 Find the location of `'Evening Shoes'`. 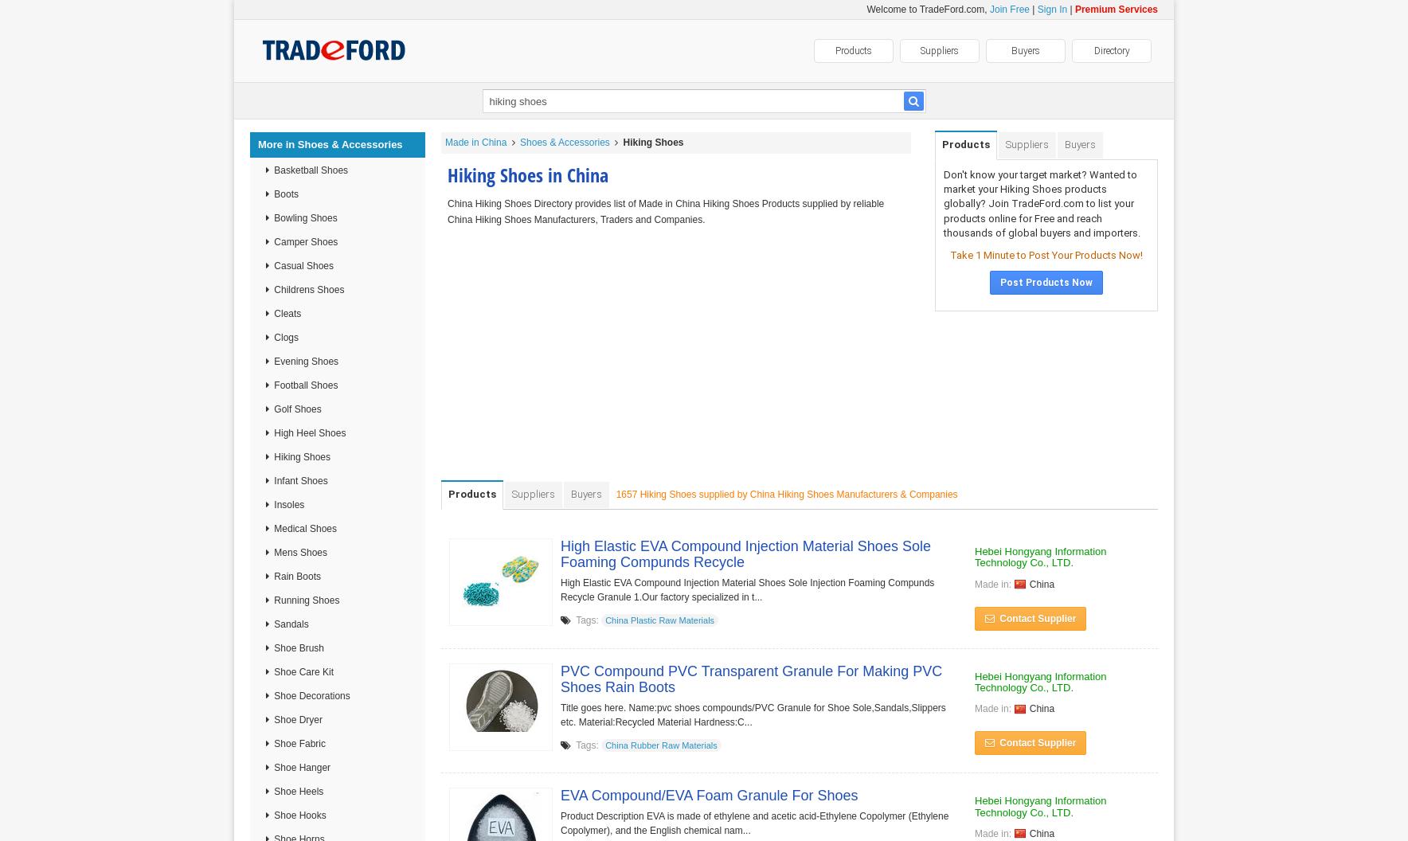

'Evening Shoes' is located at coordinates (304, 361).